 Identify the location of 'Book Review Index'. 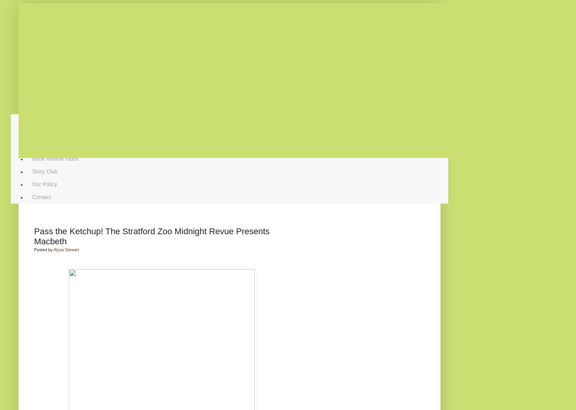
(55, 158).